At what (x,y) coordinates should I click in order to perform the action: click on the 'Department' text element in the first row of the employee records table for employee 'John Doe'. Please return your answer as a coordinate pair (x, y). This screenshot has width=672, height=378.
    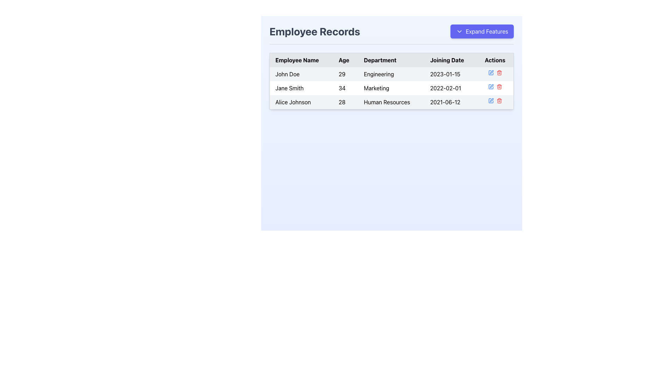
    Looking at the image, I should click on (391, 74).